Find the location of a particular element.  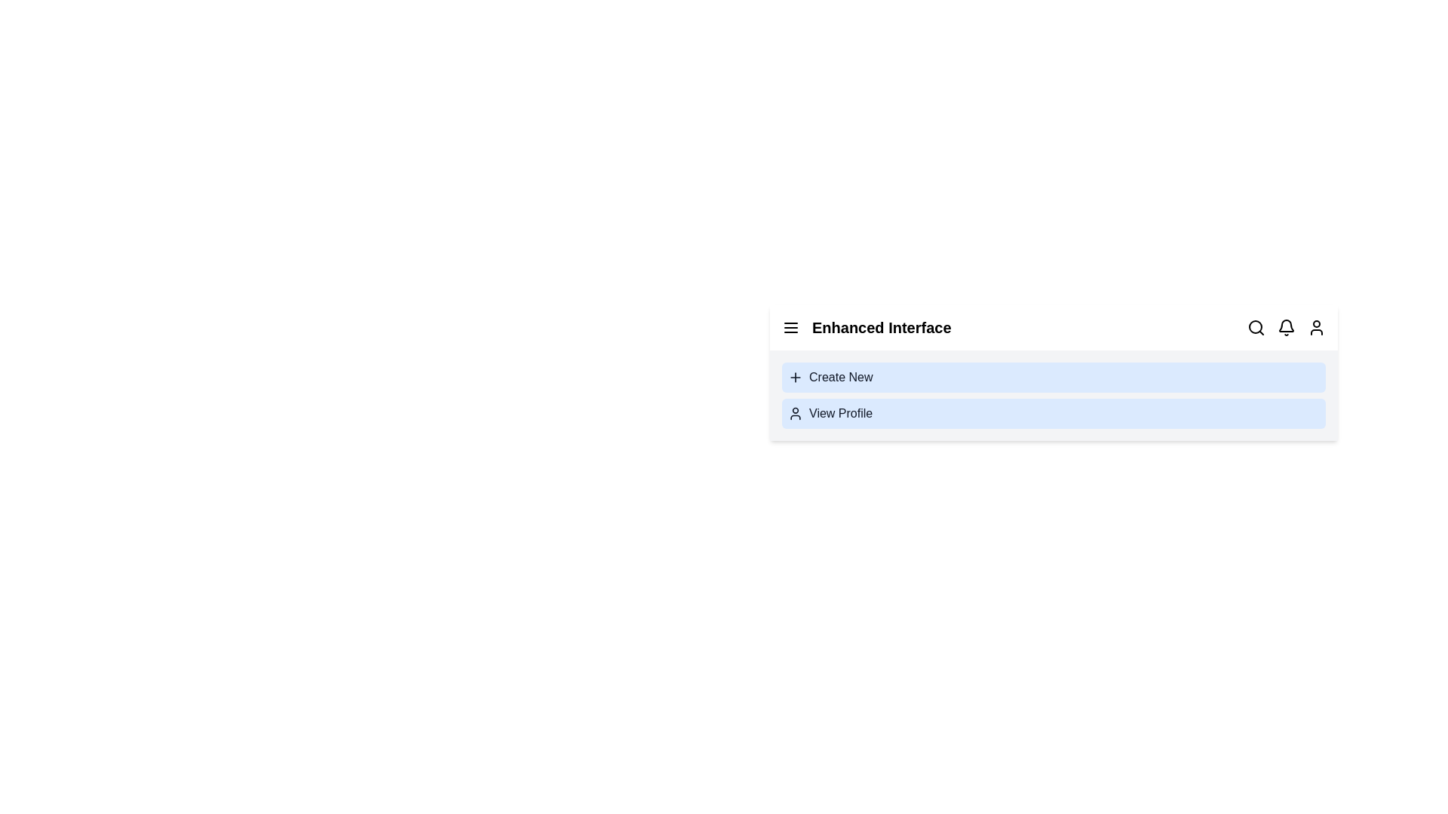

the 'View Profile' option to open the user profile is located at coordinates (839, 413).